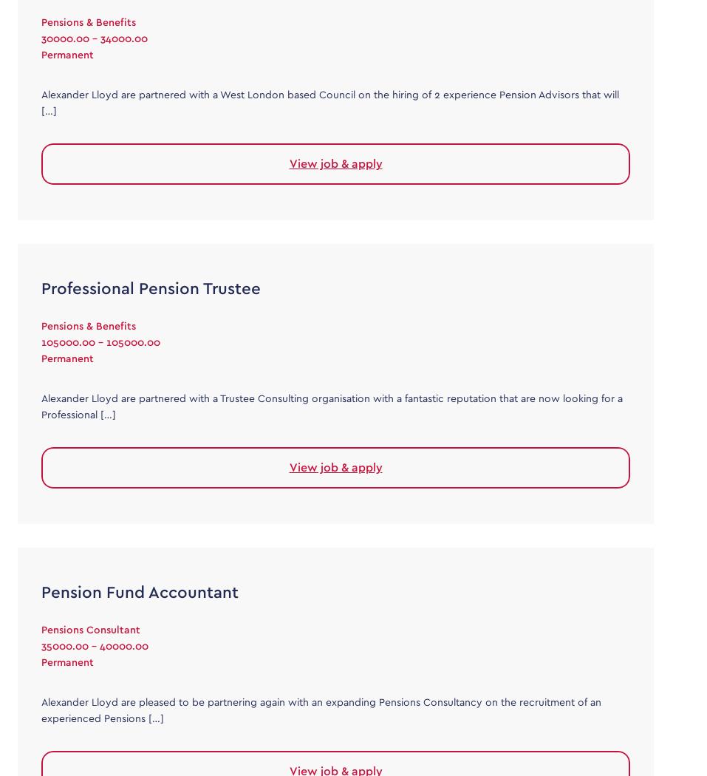  I want to click on 'Alexander Lloyd are partnered with a West London based Council on the hiring of 2 experience Pension Advisors that will […]', so click(40, 102).